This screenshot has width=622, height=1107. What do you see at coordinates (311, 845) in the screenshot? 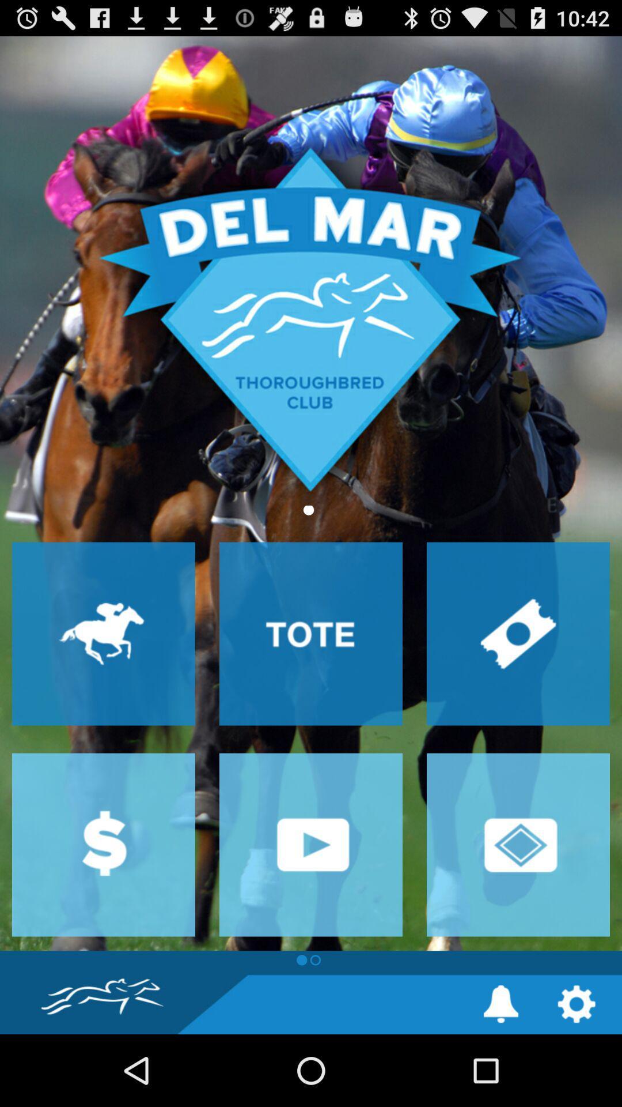
I see `start the app` at bounding box center [311, 845].